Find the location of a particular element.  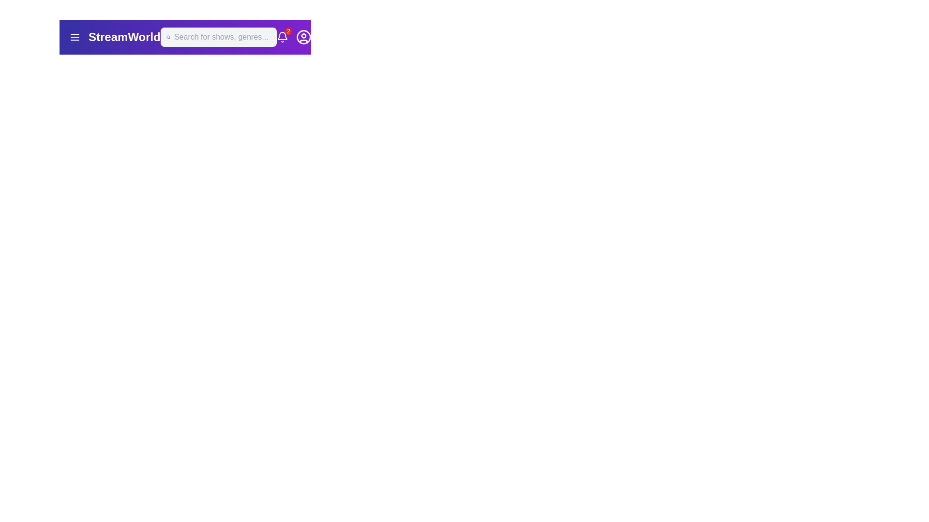

the circular search icon located at the left side of the search bar in the top navigation interface is located at coordinates (168, 37).